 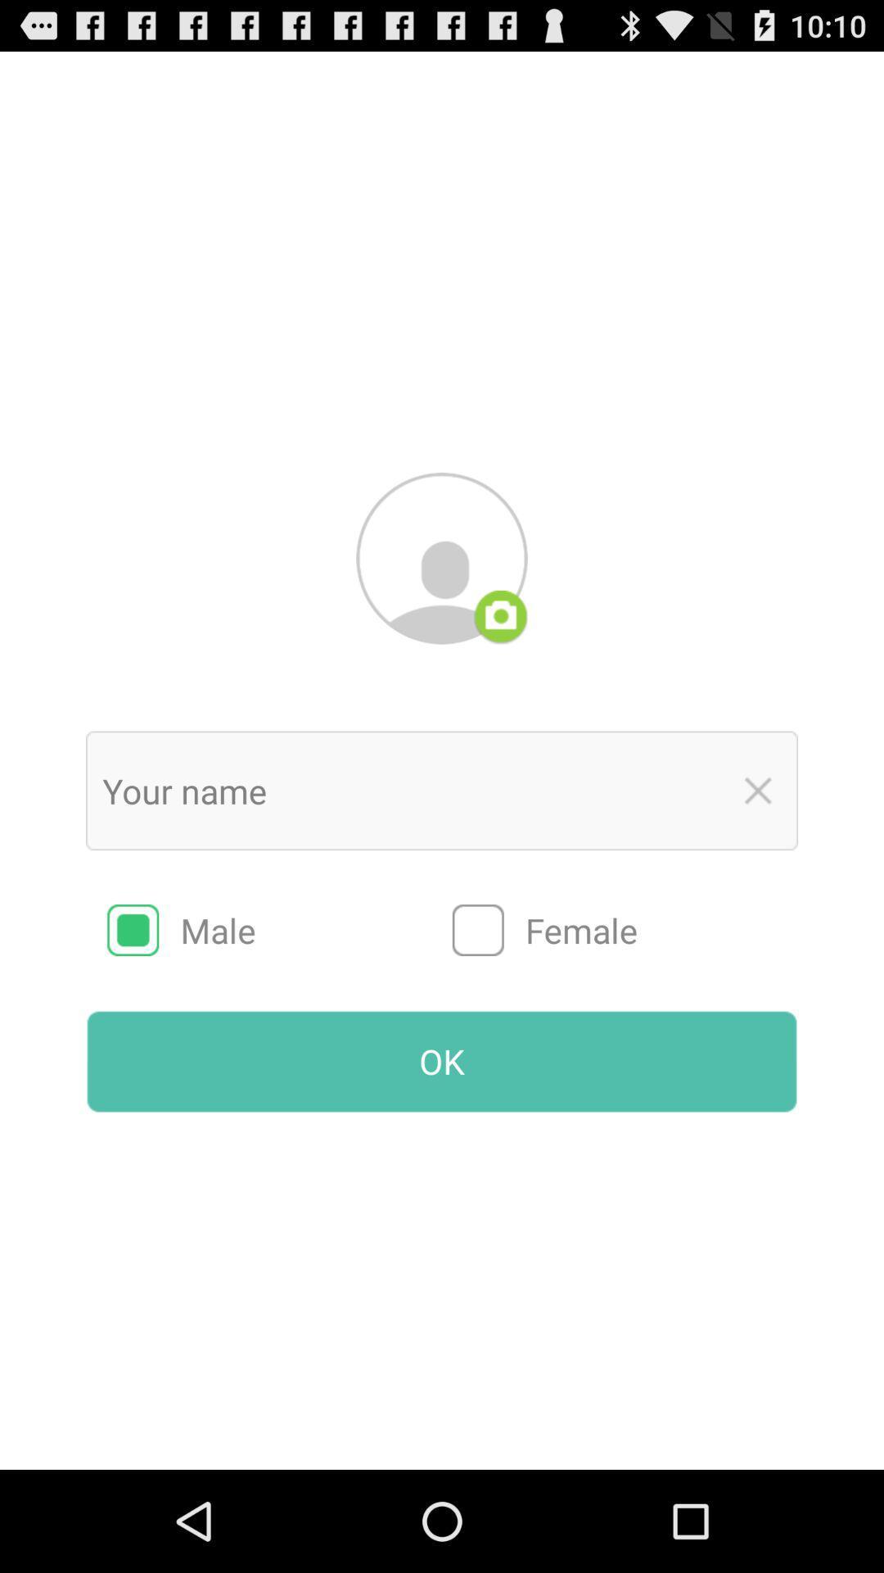 I want to click on name, so click(x=406, y=791).